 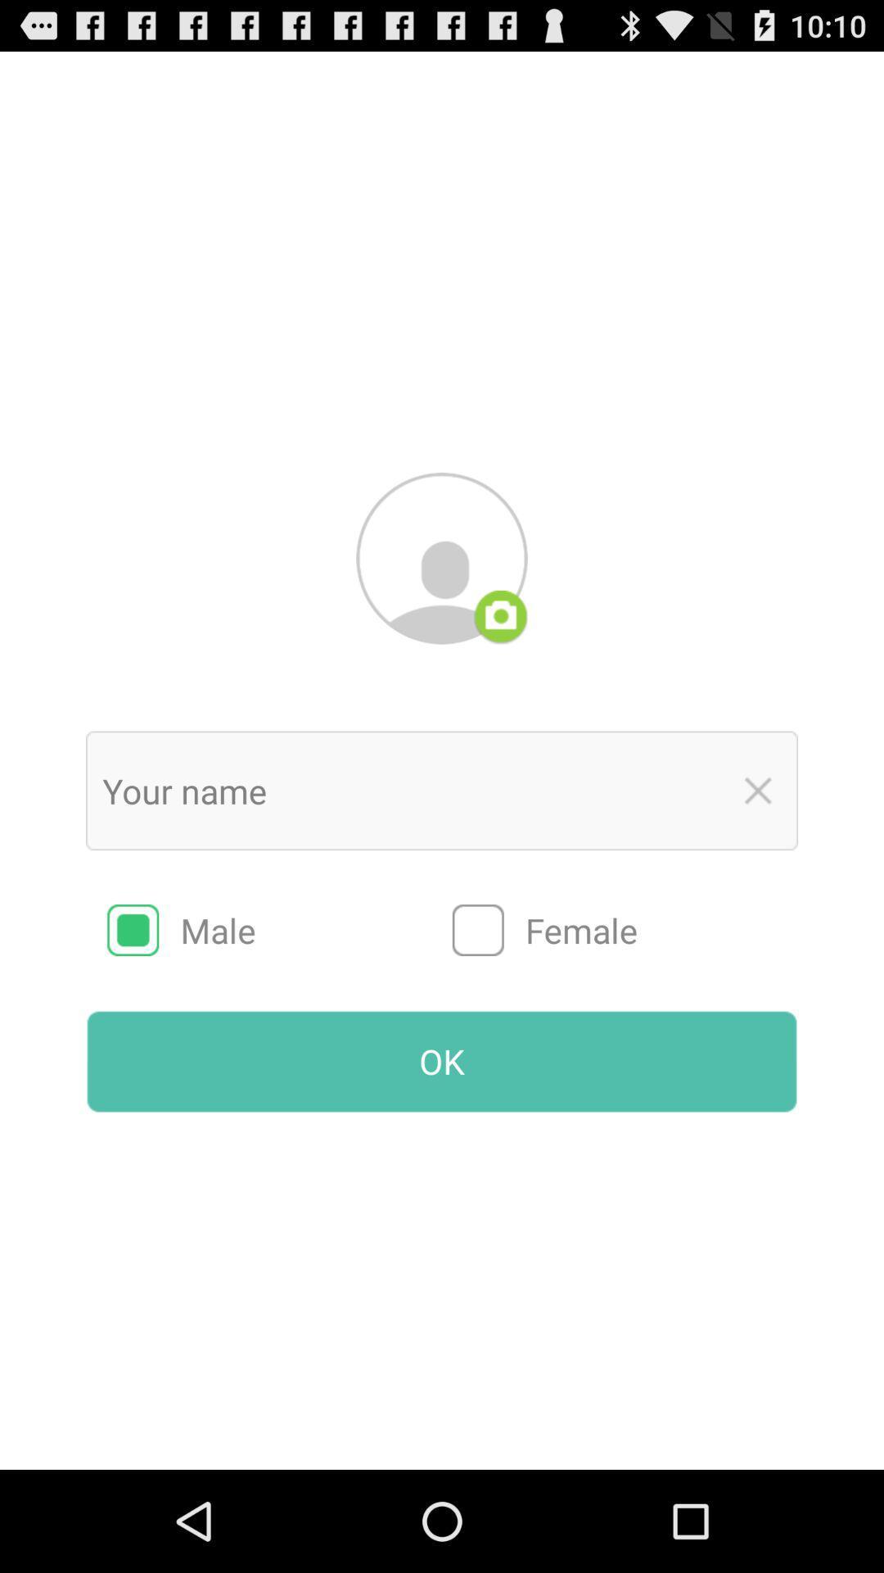 I want to click on name, so click(x=406, y=791).